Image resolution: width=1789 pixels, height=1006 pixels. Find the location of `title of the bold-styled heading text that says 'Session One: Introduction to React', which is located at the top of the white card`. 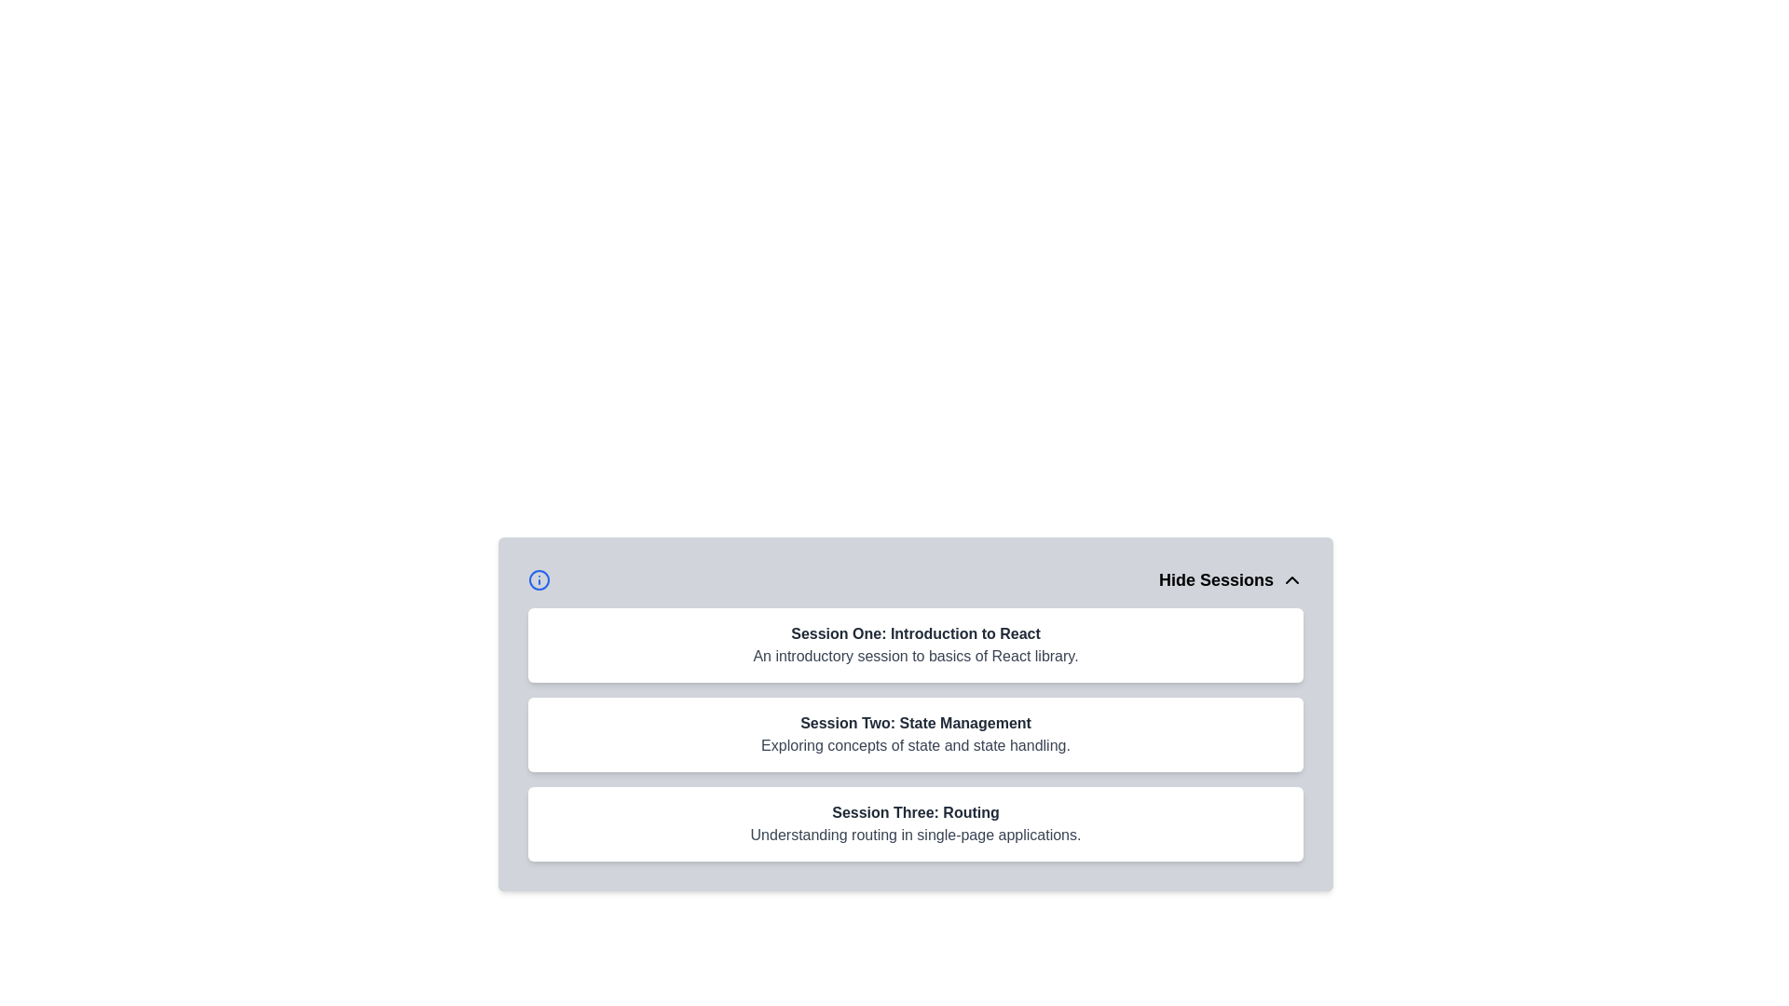

title of the bold-styled heading text that says 'Session One: Introduction to React', which is located at the top of the white card is located at coordinates (916, 633).